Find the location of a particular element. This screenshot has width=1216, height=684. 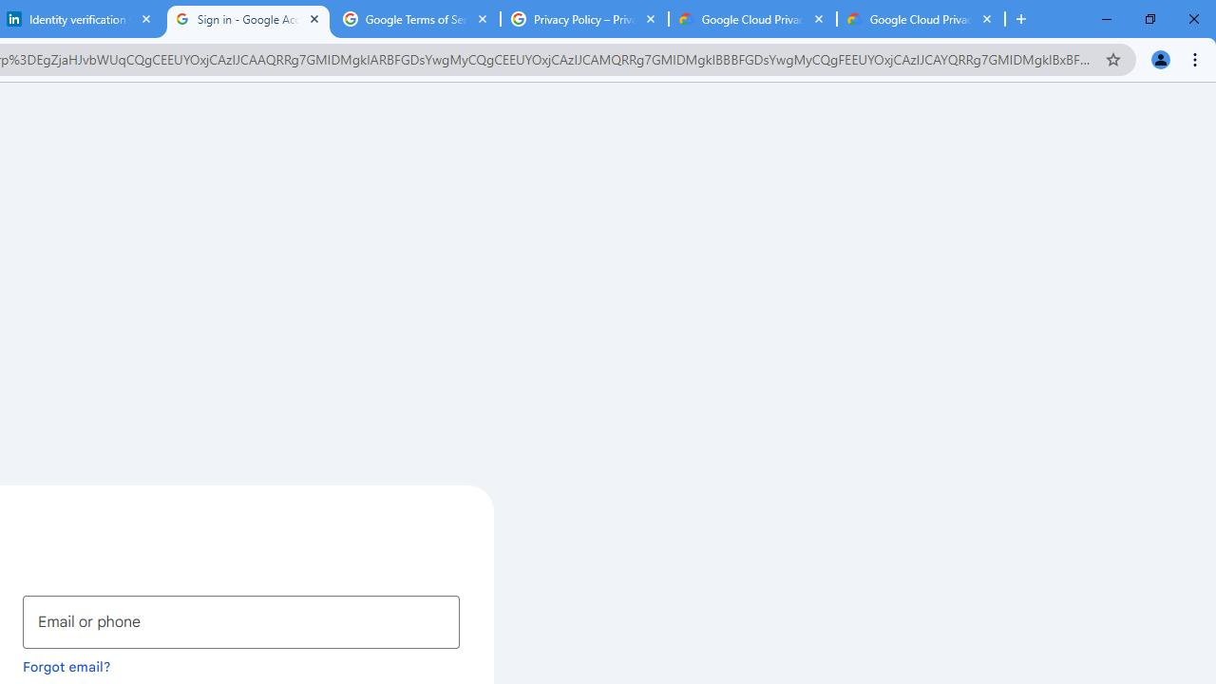

'Forgot email?' is located at coordinates (66, 665).